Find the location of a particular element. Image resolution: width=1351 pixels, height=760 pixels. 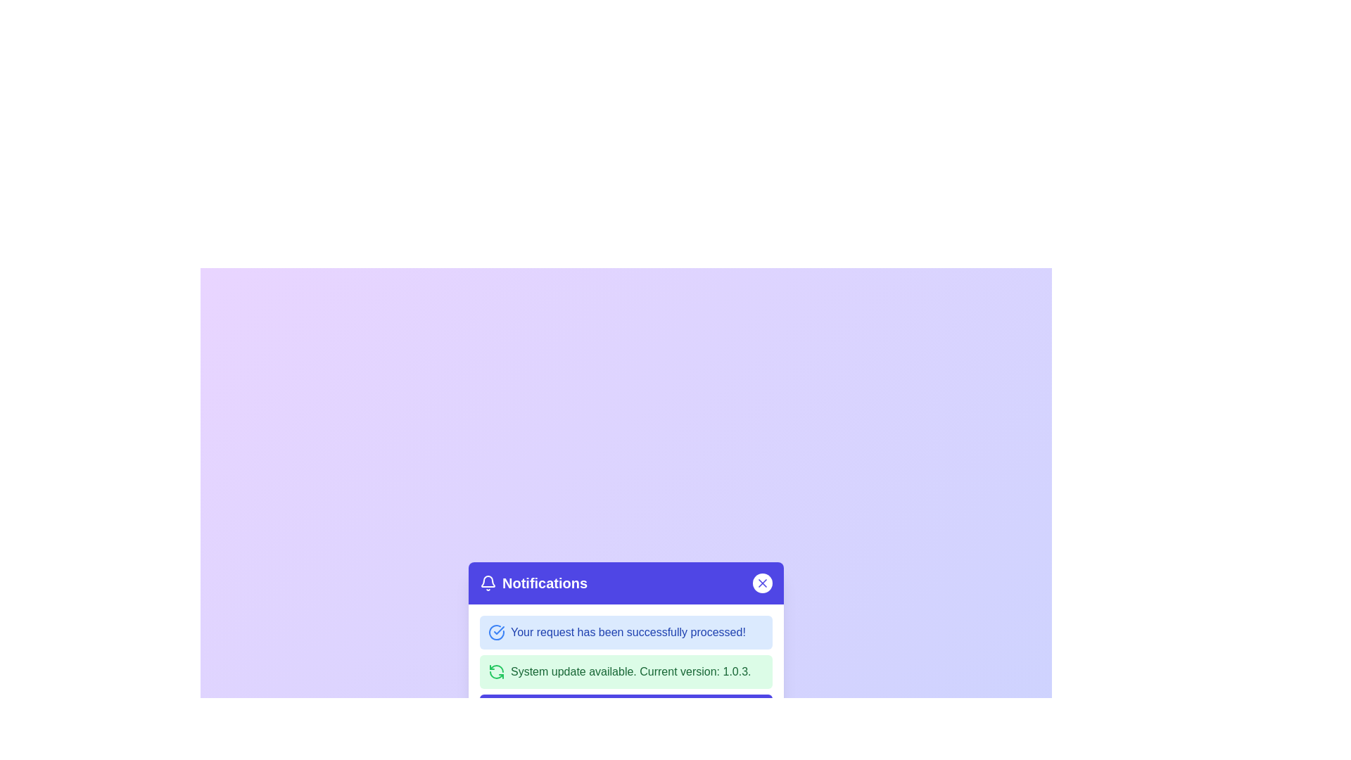

the interactive button located at the bottom of the notification panel is located at coordinates (625, 708).